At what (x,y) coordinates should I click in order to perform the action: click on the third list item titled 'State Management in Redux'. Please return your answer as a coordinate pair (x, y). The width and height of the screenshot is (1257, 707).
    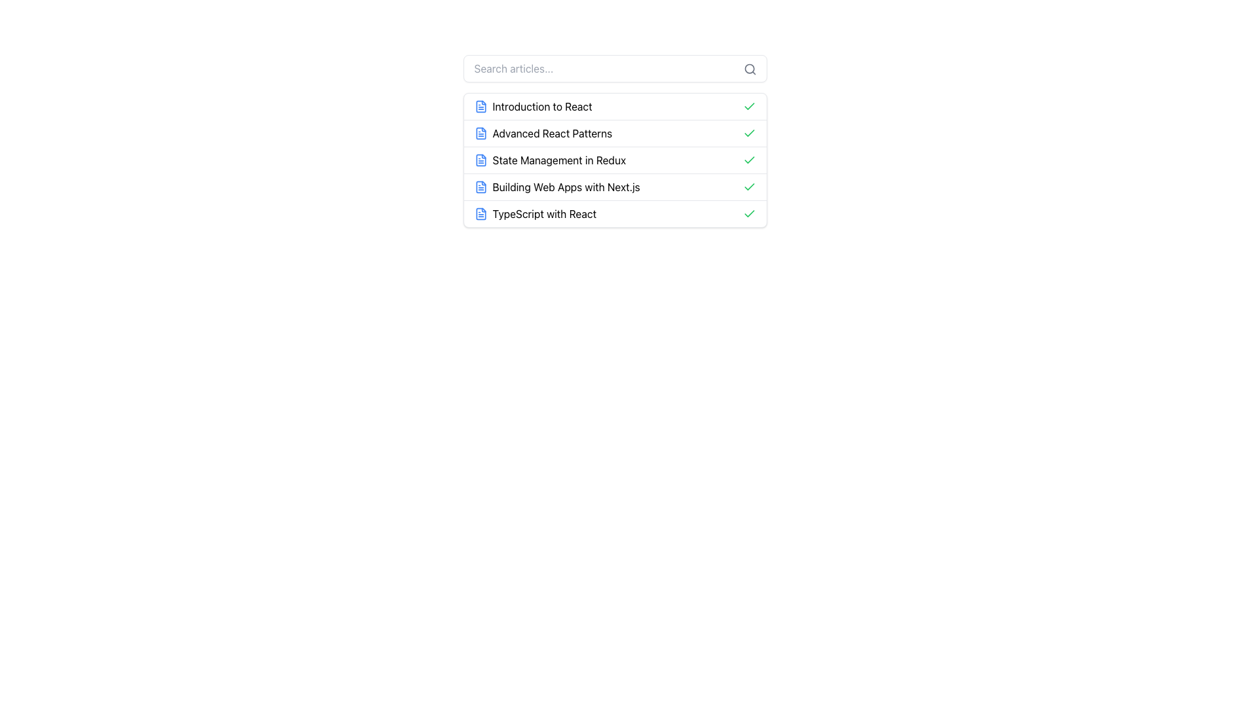
    Looking at the image, I should click on (614, 159).